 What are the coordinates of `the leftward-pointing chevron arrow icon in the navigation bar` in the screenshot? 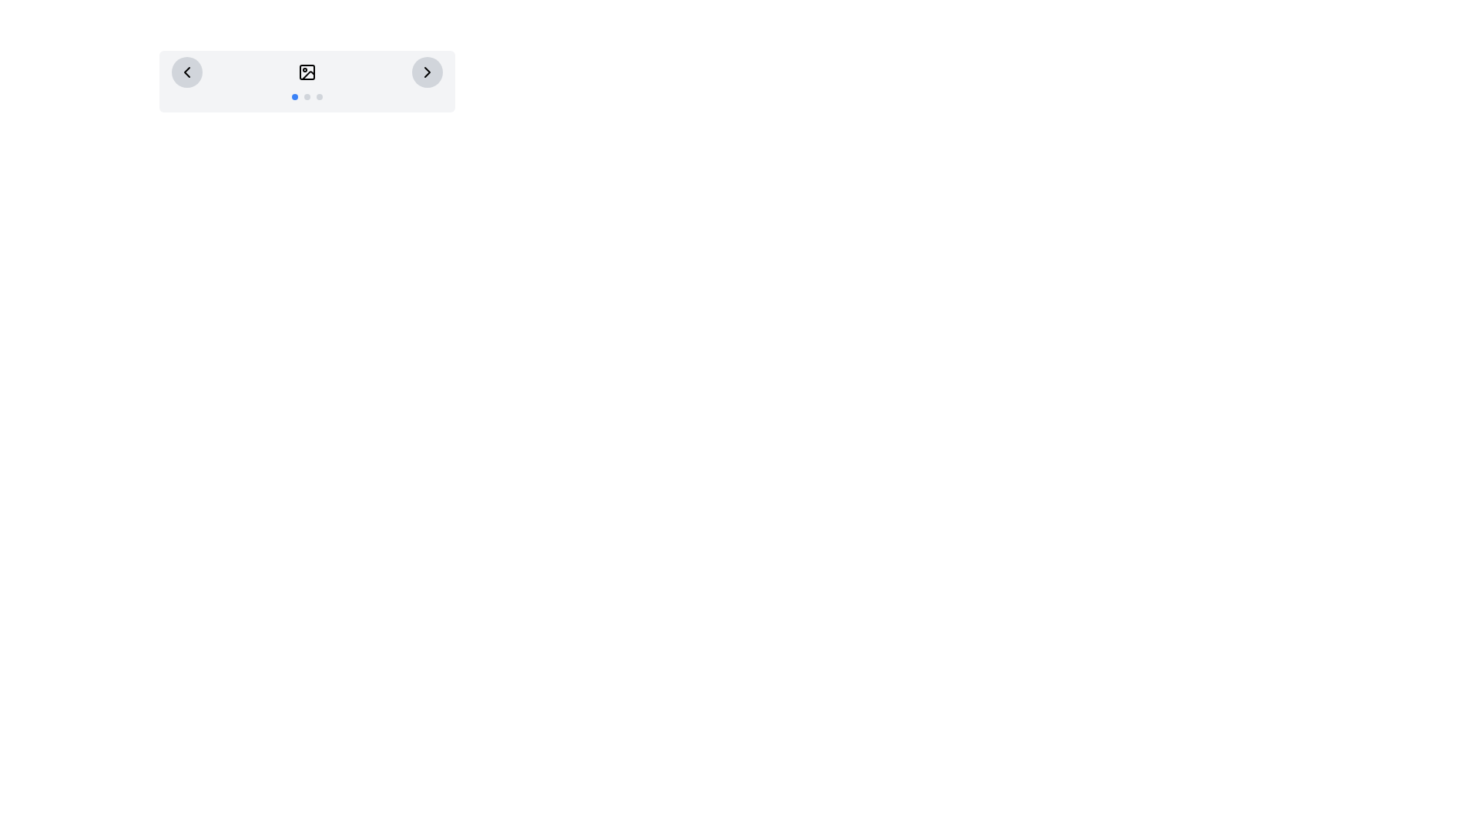 It's located at (186, 72).